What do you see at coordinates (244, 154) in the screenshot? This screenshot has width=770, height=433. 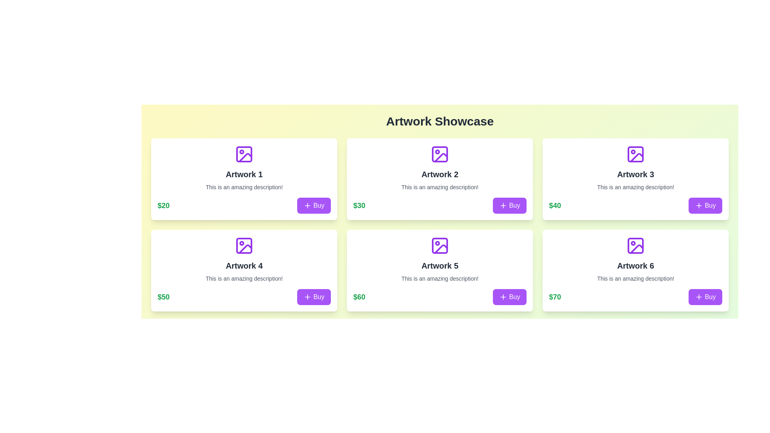 I see `the icon located in the upper left corner of the card titled 'Artwork 1'` at bounding box center [244, 154].